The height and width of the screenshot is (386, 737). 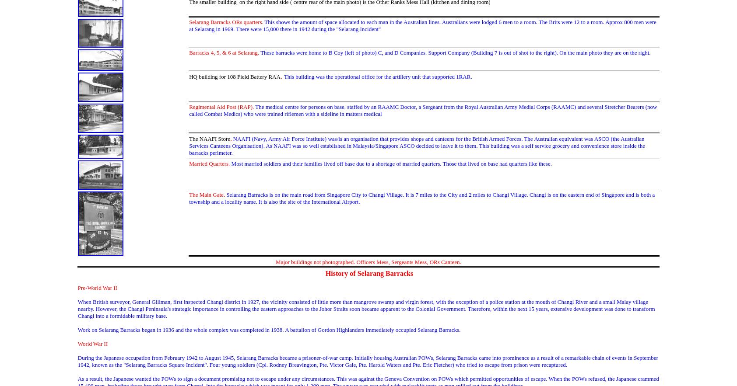 What do you see at coordinates (234, 76) in the screenshot?
I see `'HQ
        building for 108 Field Battery RAA'` at bounding box center [234, 76].